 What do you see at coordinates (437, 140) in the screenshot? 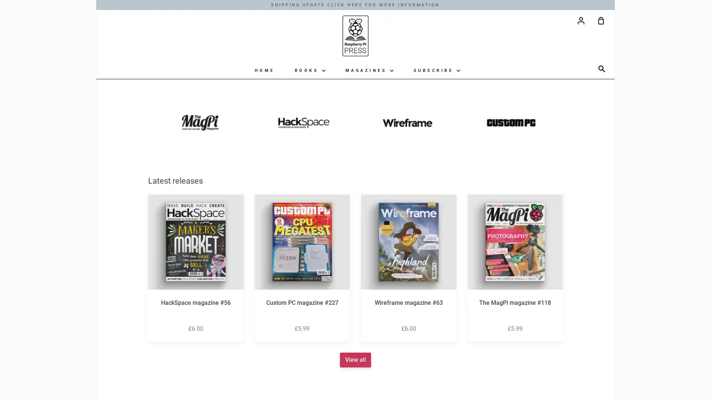
I see `Dismiss` at bounding box center [437, 140].